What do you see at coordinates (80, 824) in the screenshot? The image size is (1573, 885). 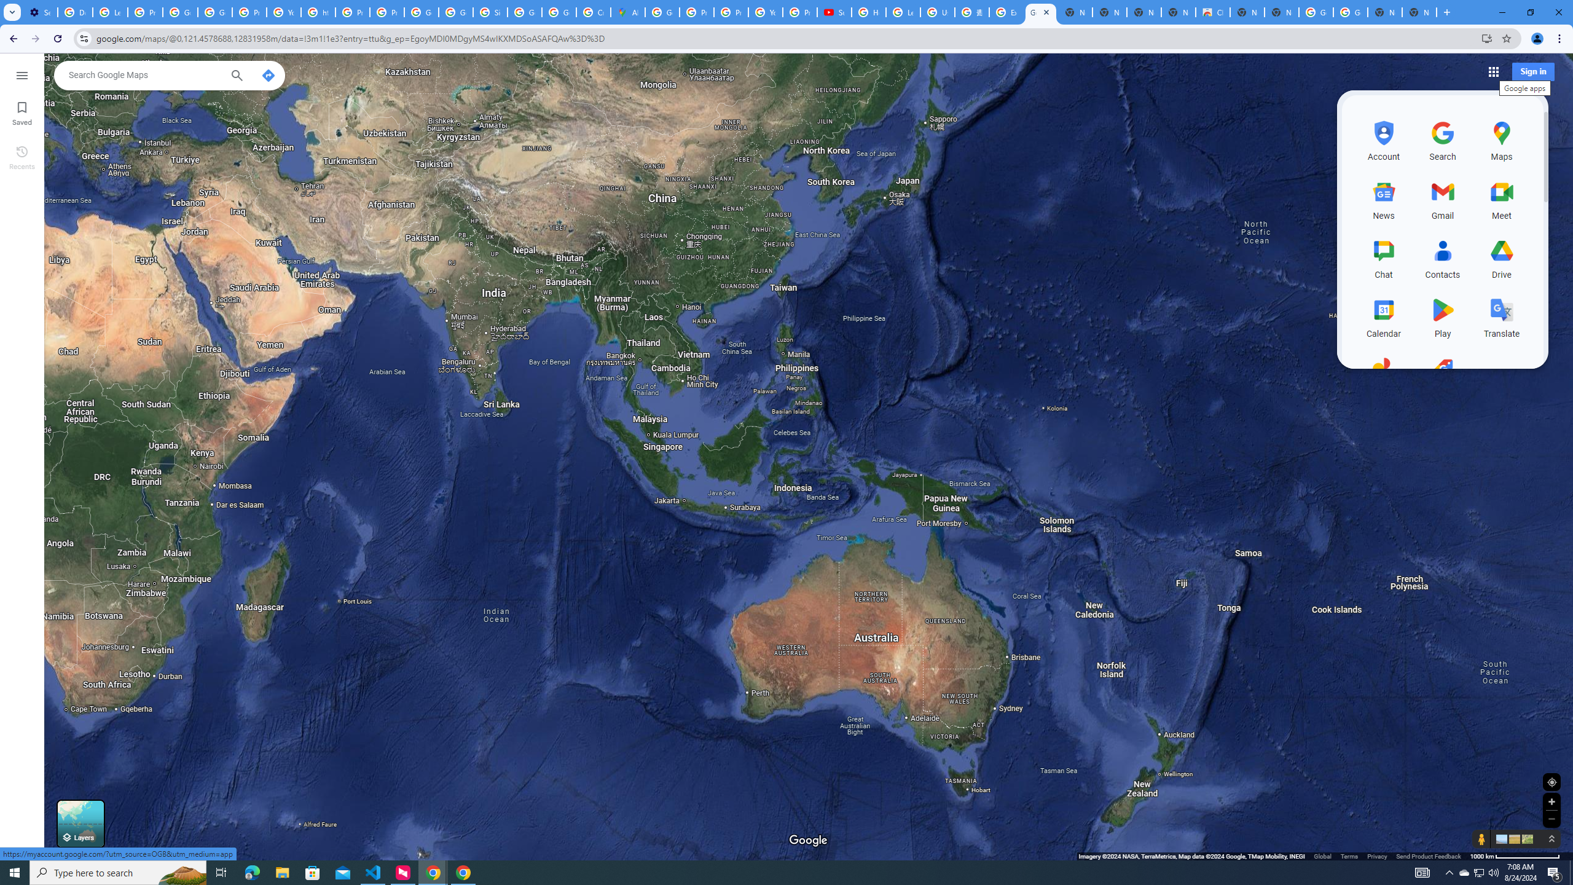 I see `'Layers'` at bounding box center [80, 824].